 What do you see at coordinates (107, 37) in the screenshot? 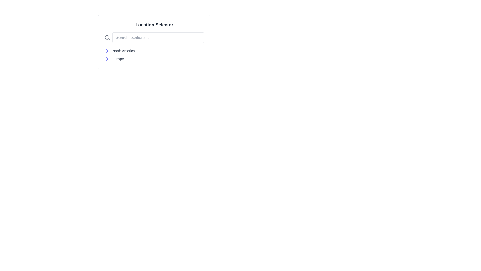
I see `the search icon located directly to the left of the text input box labeled 'Search locations...' to focus on the input field` at bounding box center [107, 37].